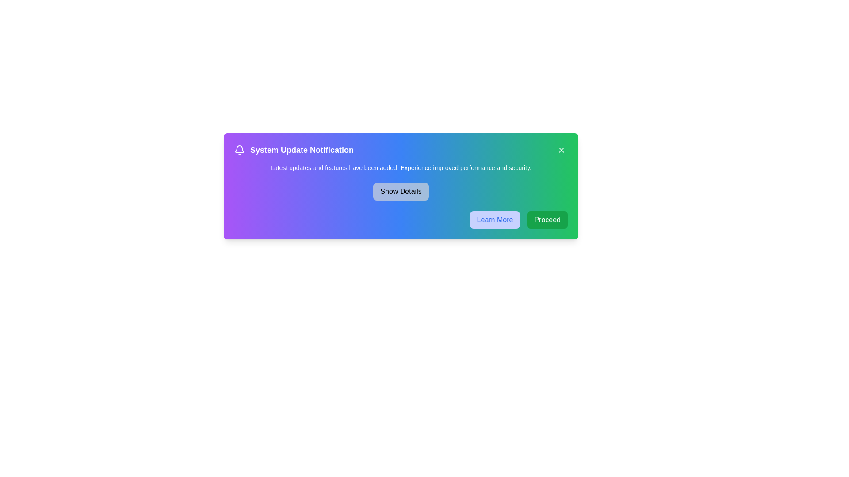  Describe the element at coordinates (561, 149) in the screenshot. I see `the small, diagonal cross icon (Close/Dismiss) located in the top-right corner of the notification card` at that location.